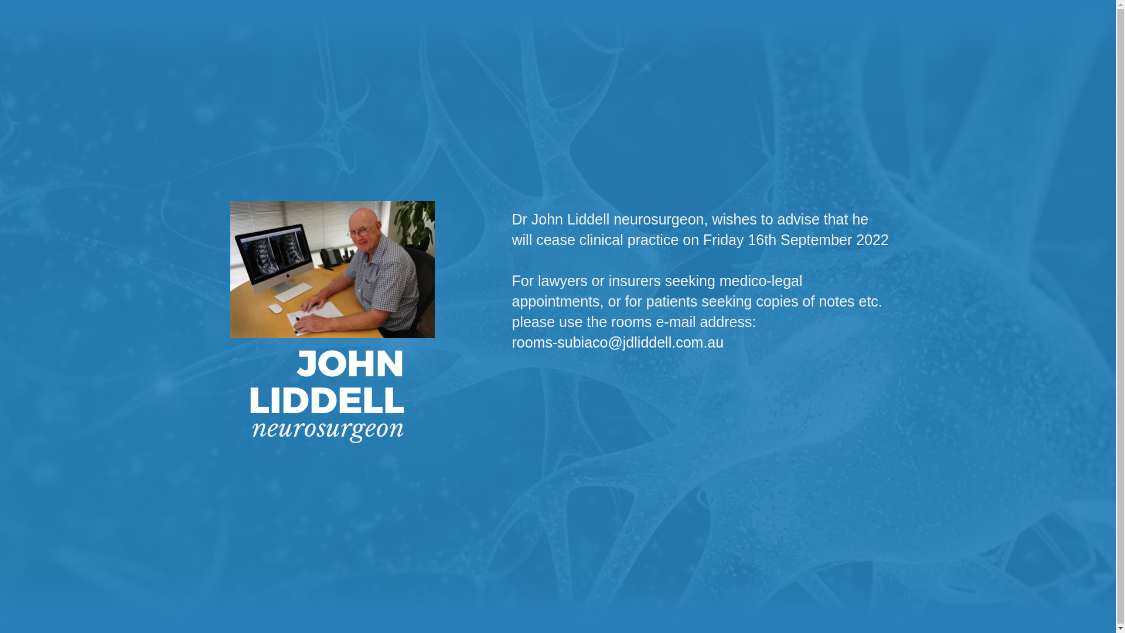 Image resolution: width=1125 pixels, height=633 pixels. What do you see at coordinates (617, 342) in the screenshot?
I see `'rooms-subiaco@jdliddell.com.au'` at bounding box center [617, 342].